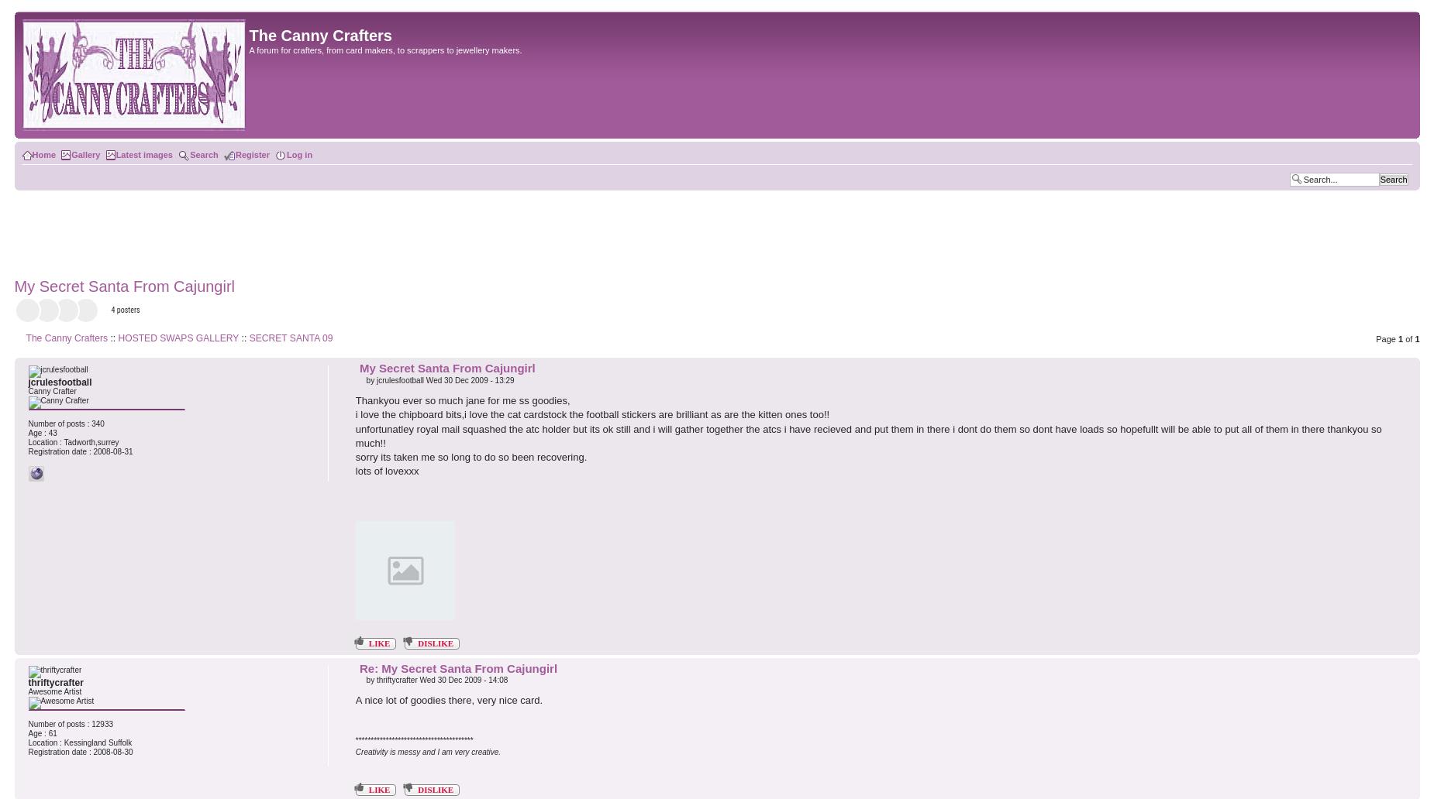 Image resolution: width=1434 pixels, height=799 pixels. What do you see at coordinates (143, 154) in the screenshot?
I see `'Latest images'` at bounding box center [143, 154].